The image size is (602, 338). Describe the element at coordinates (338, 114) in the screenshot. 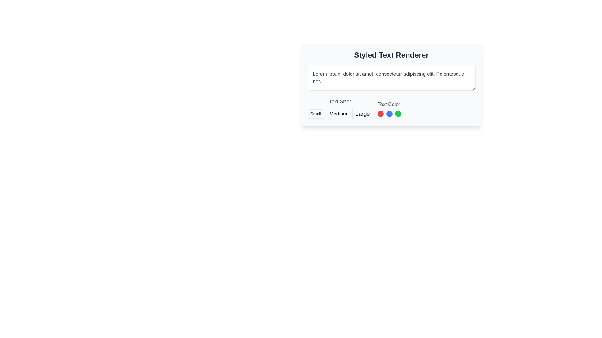

I see `the 'Medium' button located below the text input box in the 'Text Size' section` at that location.